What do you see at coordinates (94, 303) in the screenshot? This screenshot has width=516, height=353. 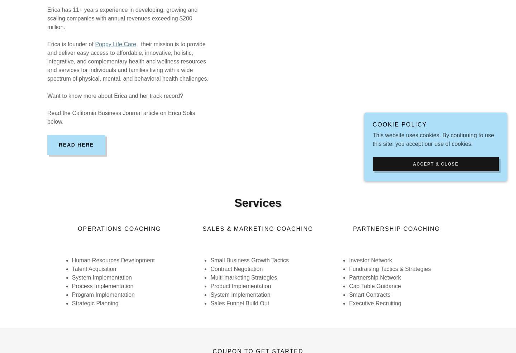 I see `'Strategic Planning'` at bounding box center [94, 303].